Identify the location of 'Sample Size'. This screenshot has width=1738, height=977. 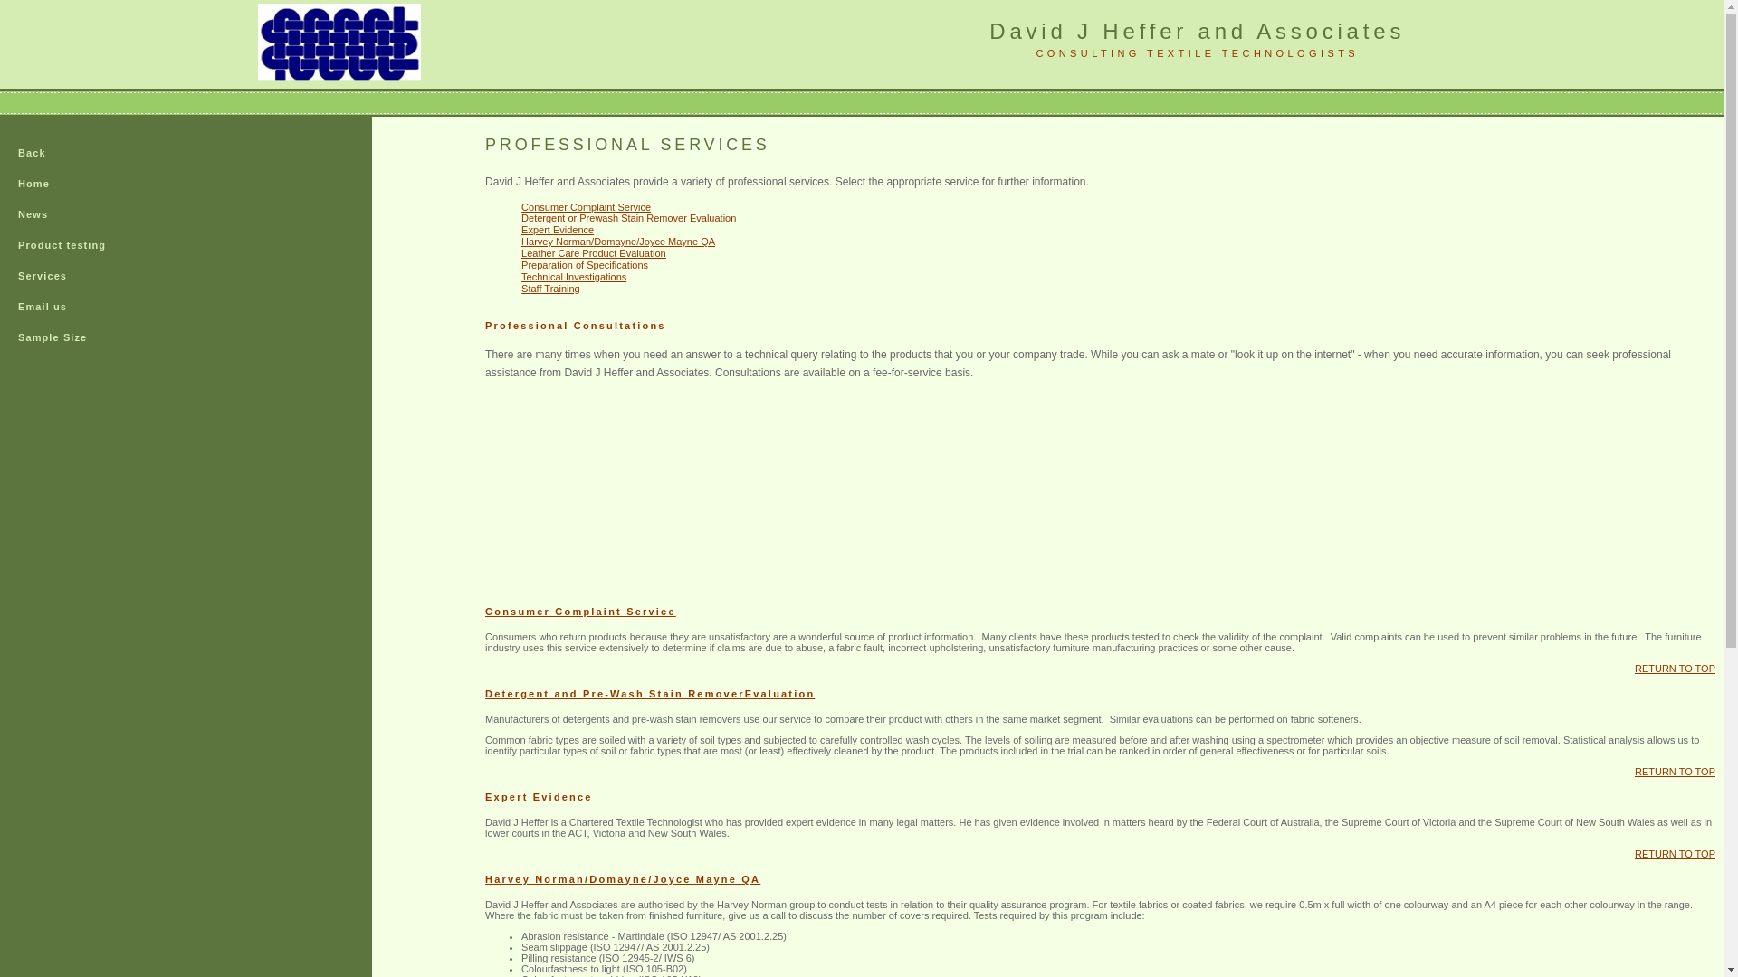
(73, 338).